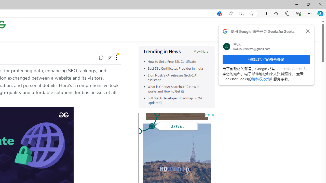  What do you see at coordinates (201, 52) in the screenshot?
I see `'View More'` at bounding box center [201, 52].